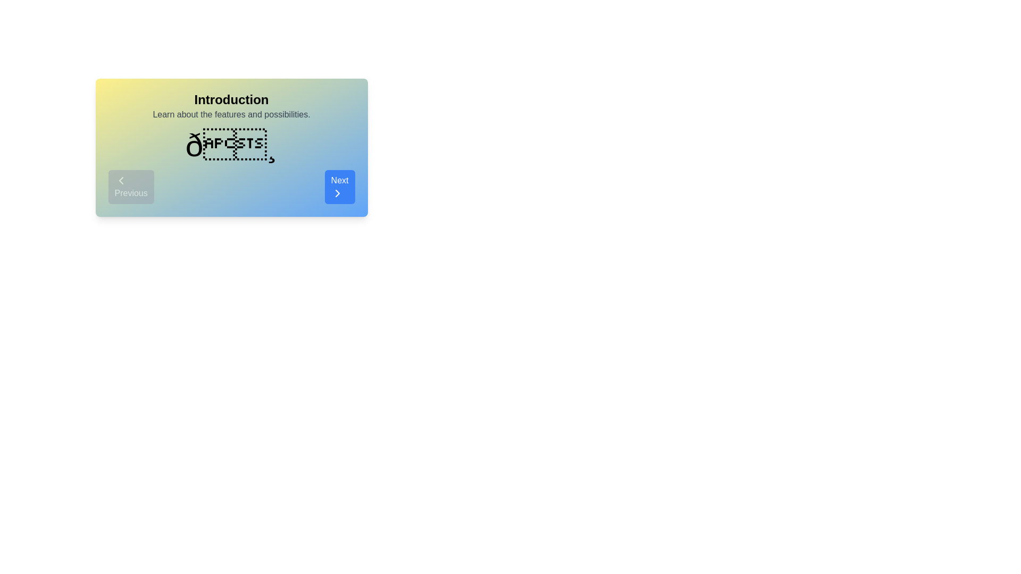 Image resolution: width=1021 pixels, height=574 pixels. I want to click on the 'Previous' button to navigate to the previous step, so click(130, 186).